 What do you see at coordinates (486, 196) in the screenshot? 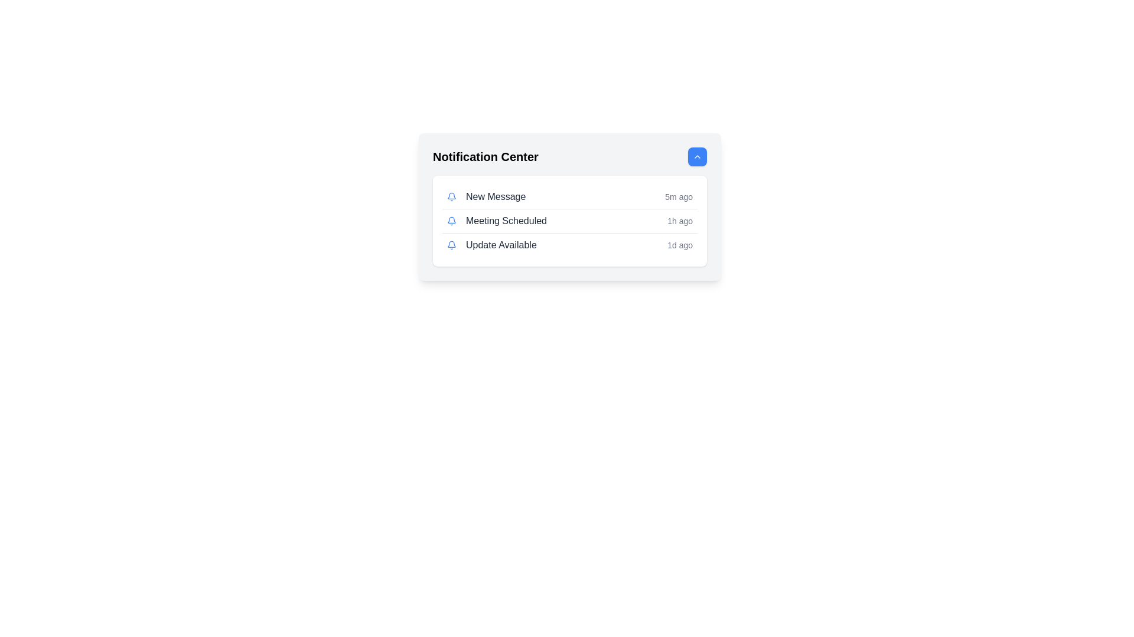
I see `the 'New Message' label` at bounding box center [486, 196].